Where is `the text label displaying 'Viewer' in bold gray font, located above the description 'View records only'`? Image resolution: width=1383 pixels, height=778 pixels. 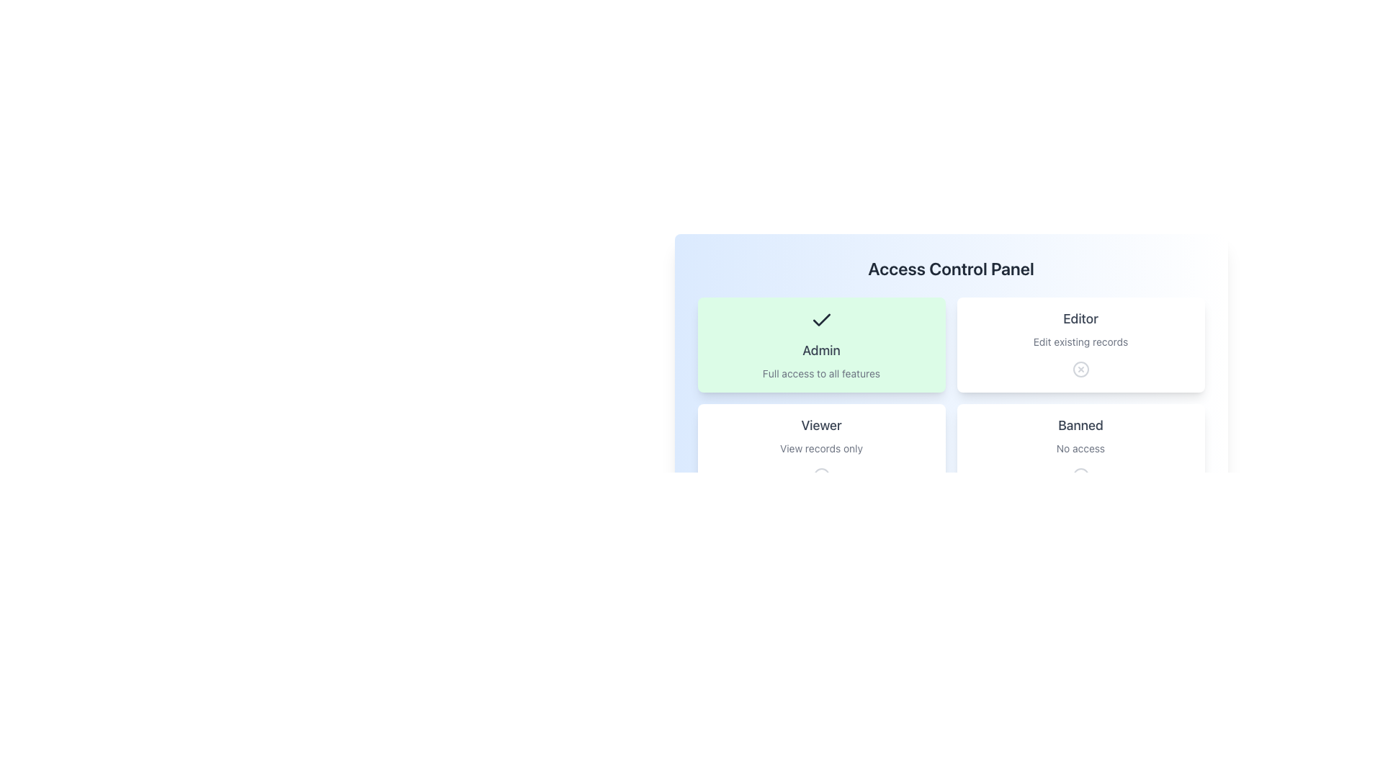 the text label displaying 'Viewer' in bold gray font, located above the description 'View records only' is located at coordinates (821, 424).